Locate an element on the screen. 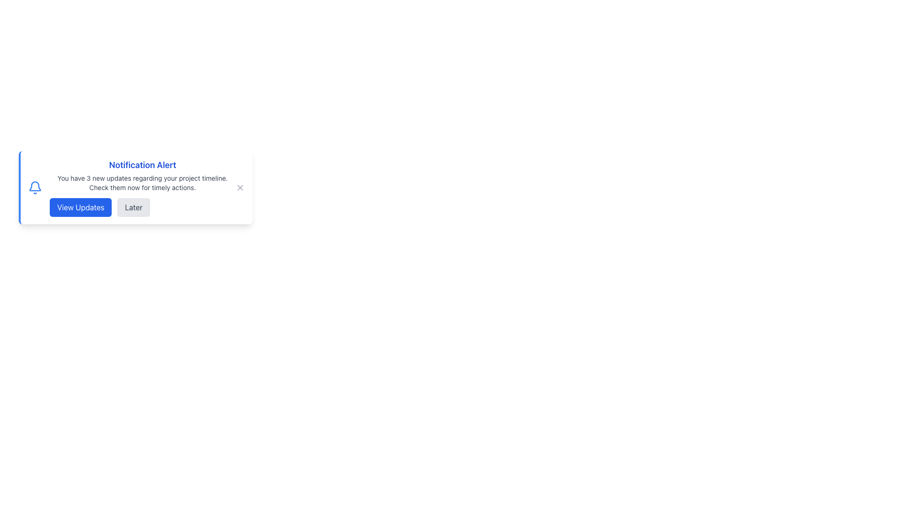 This screenshot has height=507, width=901. the rectangular button with a blue background and white text that reads 'View Updates' is located at coordinates (81, 207).